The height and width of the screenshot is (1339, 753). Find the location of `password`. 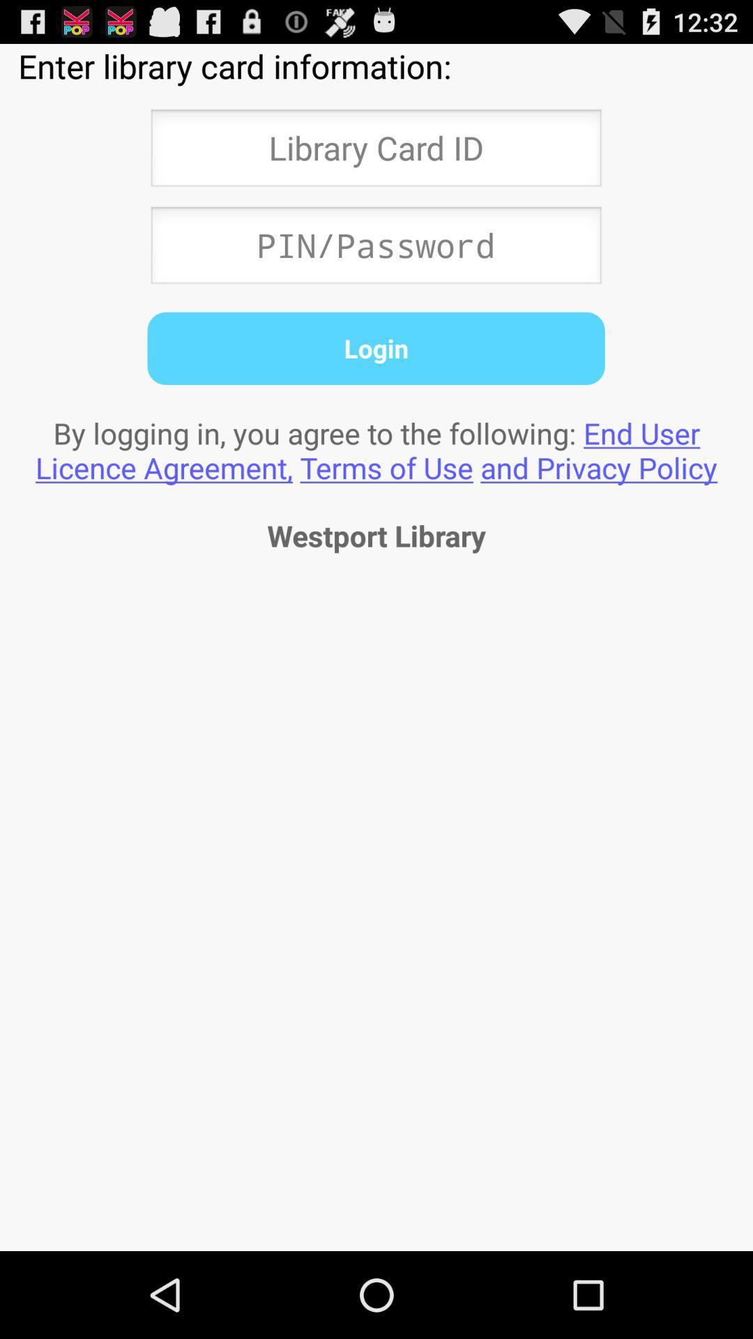

password is located at coordinates (375, 249).